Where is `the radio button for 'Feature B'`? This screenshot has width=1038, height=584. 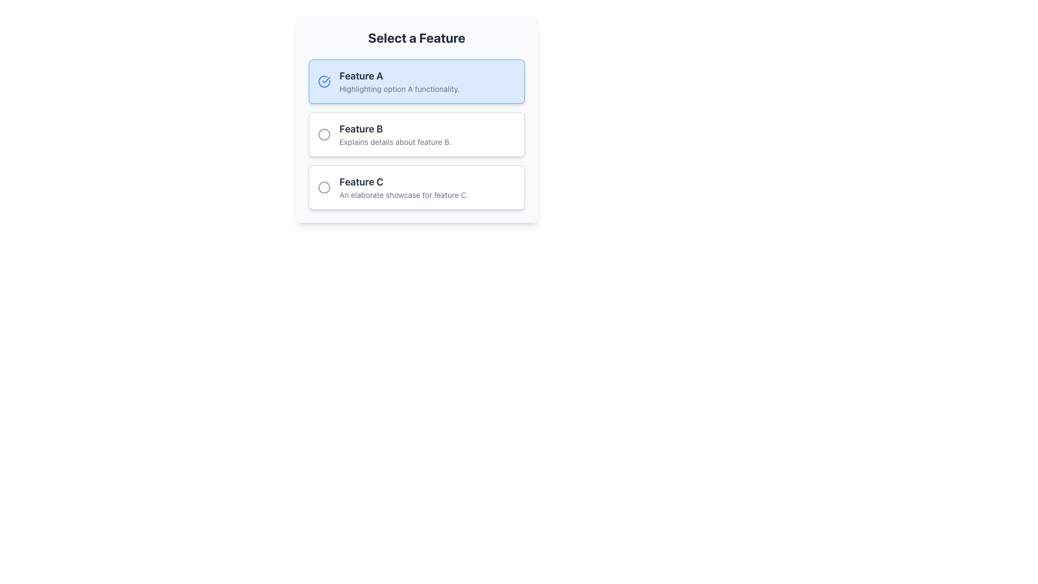 the radio button for 'Feature B' is located at coordinates (324, 134).